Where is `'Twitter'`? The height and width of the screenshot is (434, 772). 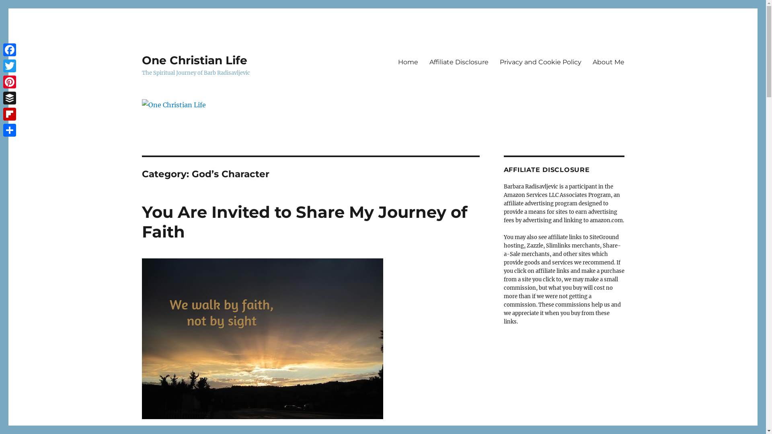 'Twitter' is located at coordinates (10, 66).